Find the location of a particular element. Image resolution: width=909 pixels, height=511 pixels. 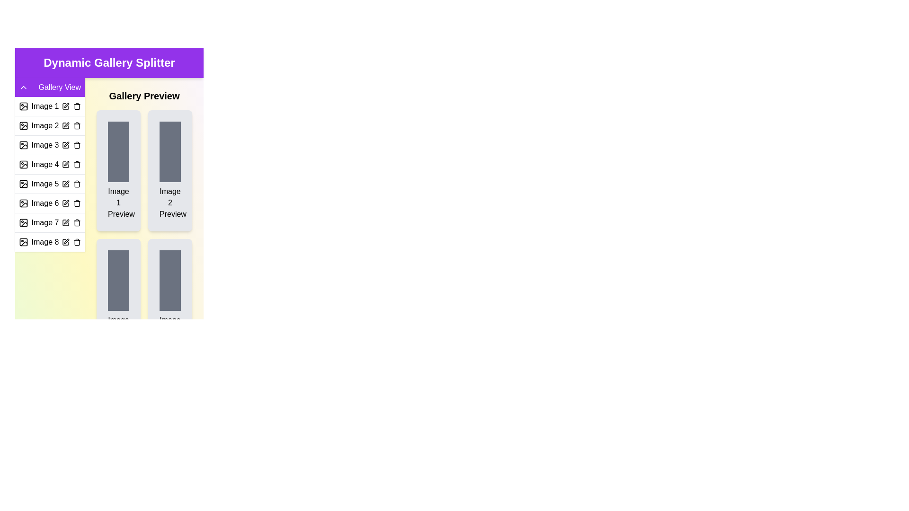

the edit icon of the grouped action buttons located to the right of the 'Image 8' label to initiate editing is located at coordinates (71, 242).